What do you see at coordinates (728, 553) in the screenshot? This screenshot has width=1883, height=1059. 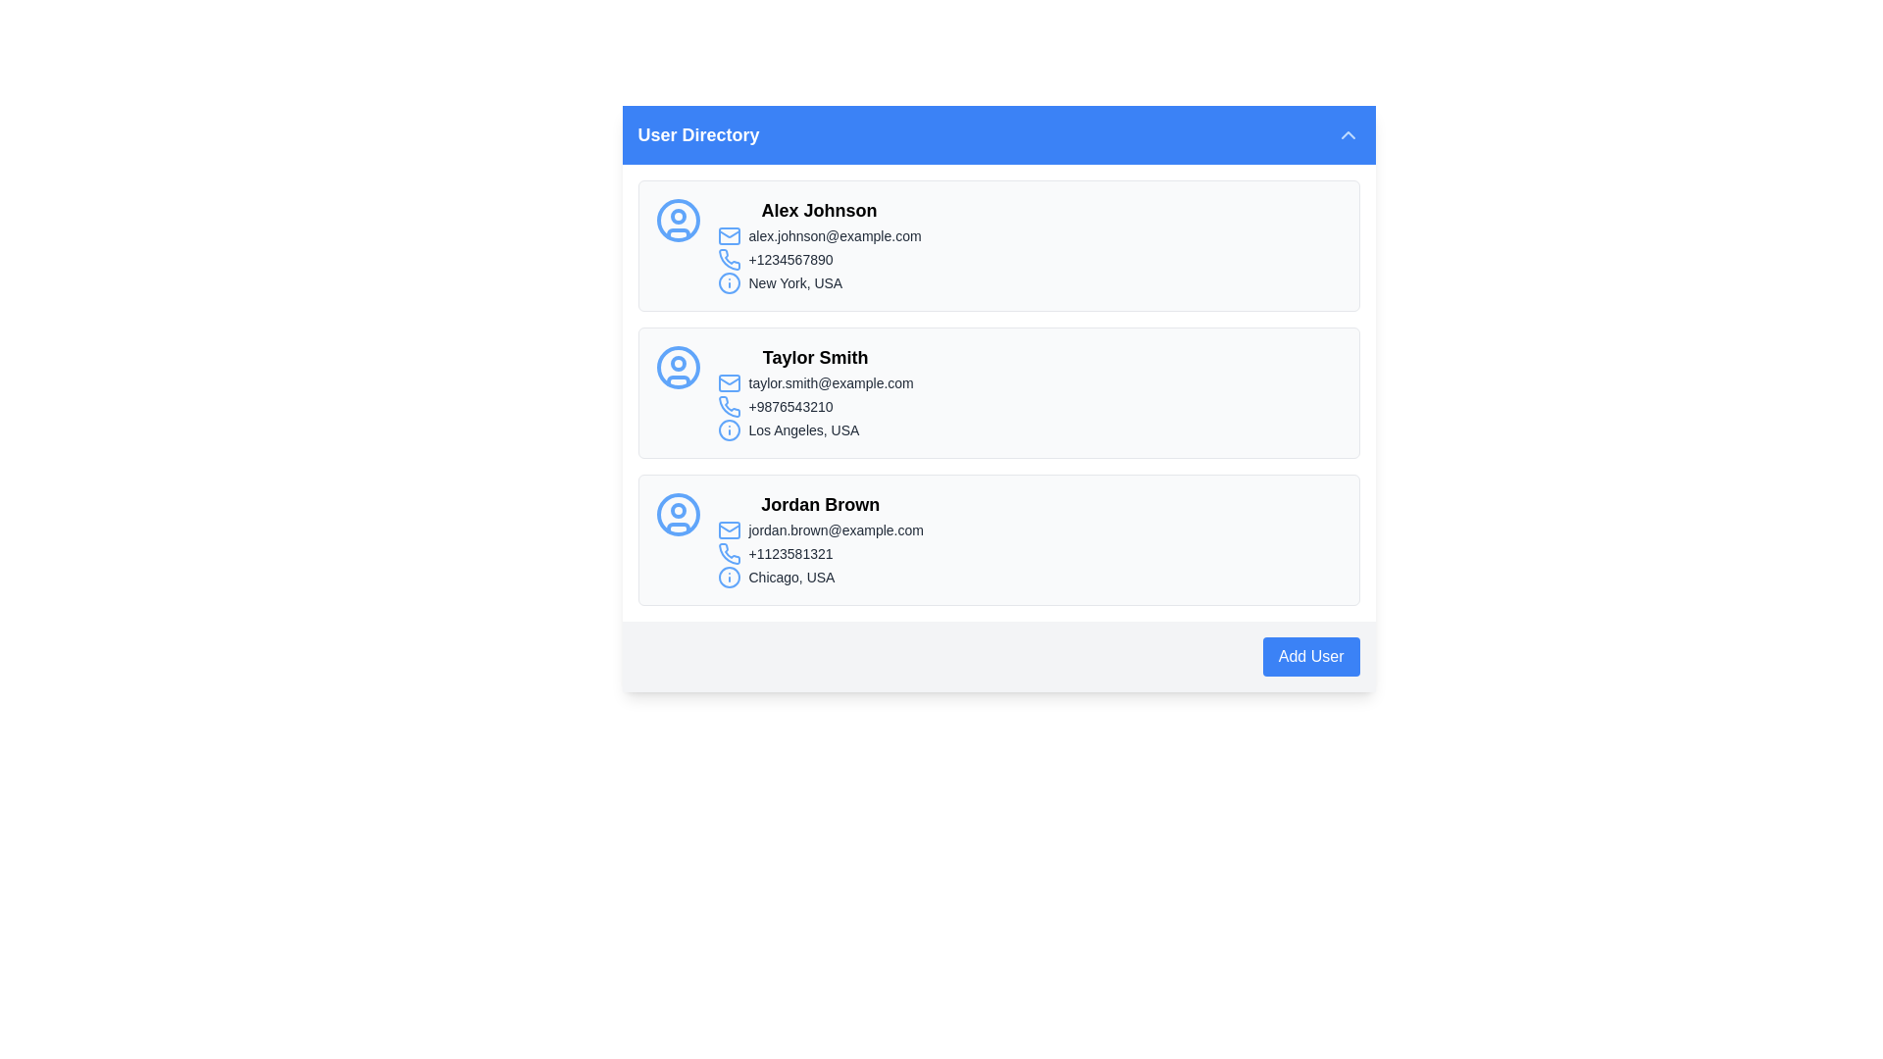 I see `the contact phone number icon located within the 'Jordan Brown' card in the directory, positioned below the email icon` at bounding box center [728, 553].